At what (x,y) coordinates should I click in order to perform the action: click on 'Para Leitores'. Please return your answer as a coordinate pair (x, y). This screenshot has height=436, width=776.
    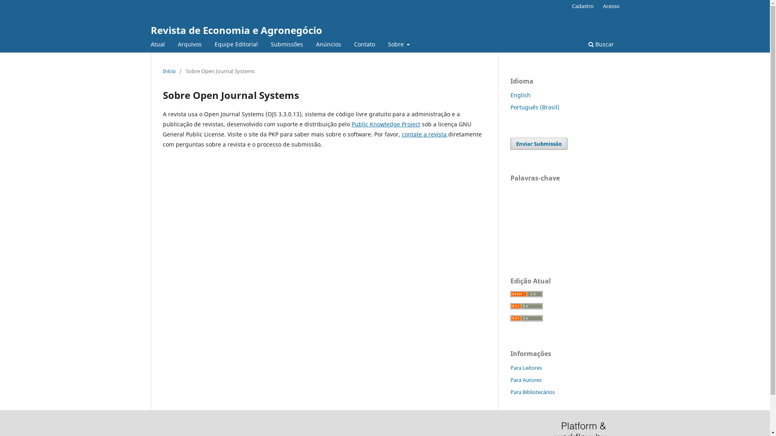
    Looking at the image, I should click on (525, 367).